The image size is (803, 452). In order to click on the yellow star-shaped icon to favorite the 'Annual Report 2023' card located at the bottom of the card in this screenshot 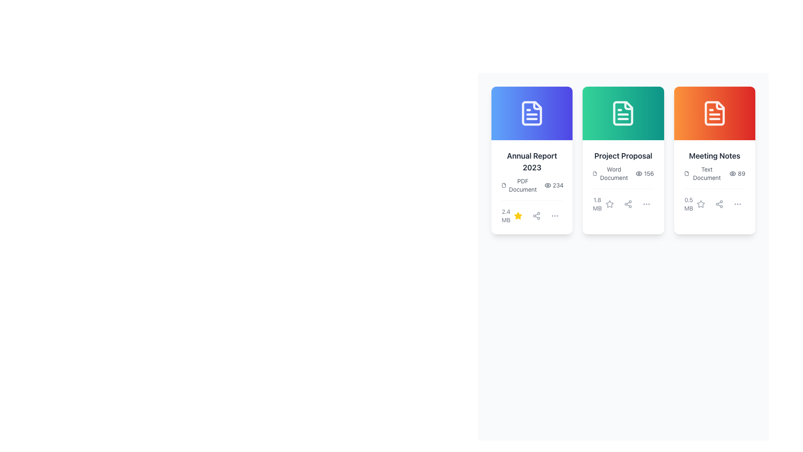, I will do `click(518, 215)`.